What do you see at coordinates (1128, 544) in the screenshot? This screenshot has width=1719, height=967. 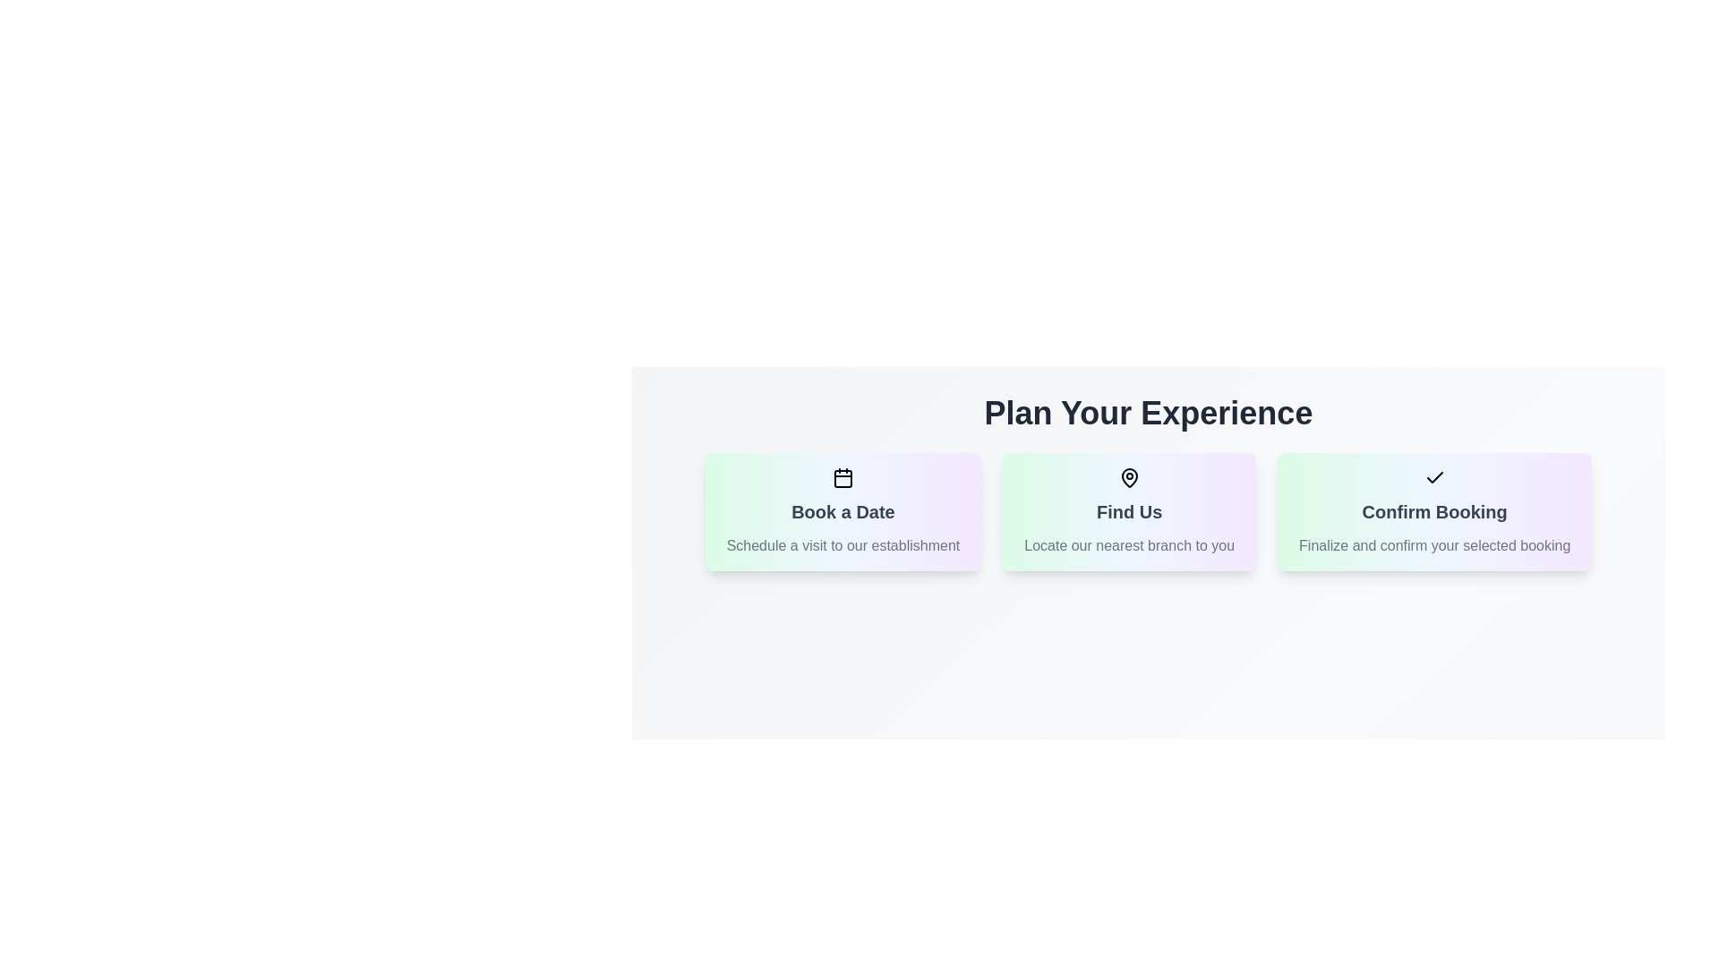 I see `the static text displaying 'Locate our nearest branch to you' in gray font, located below the heading 'Find Us' in the central card of a three-card layout, to check for additional visual effects` at bounding box center [1128, 544].